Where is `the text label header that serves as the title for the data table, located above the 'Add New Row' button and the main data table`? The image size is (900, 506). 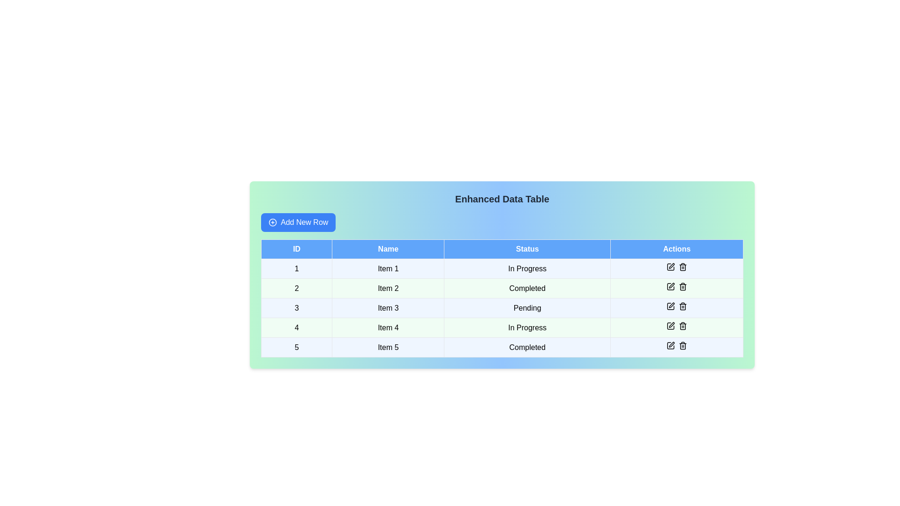
the text label header that serves as the title for the data table, located above the 'Add New Row' button and the main data table is located at coordinates (502, 198).